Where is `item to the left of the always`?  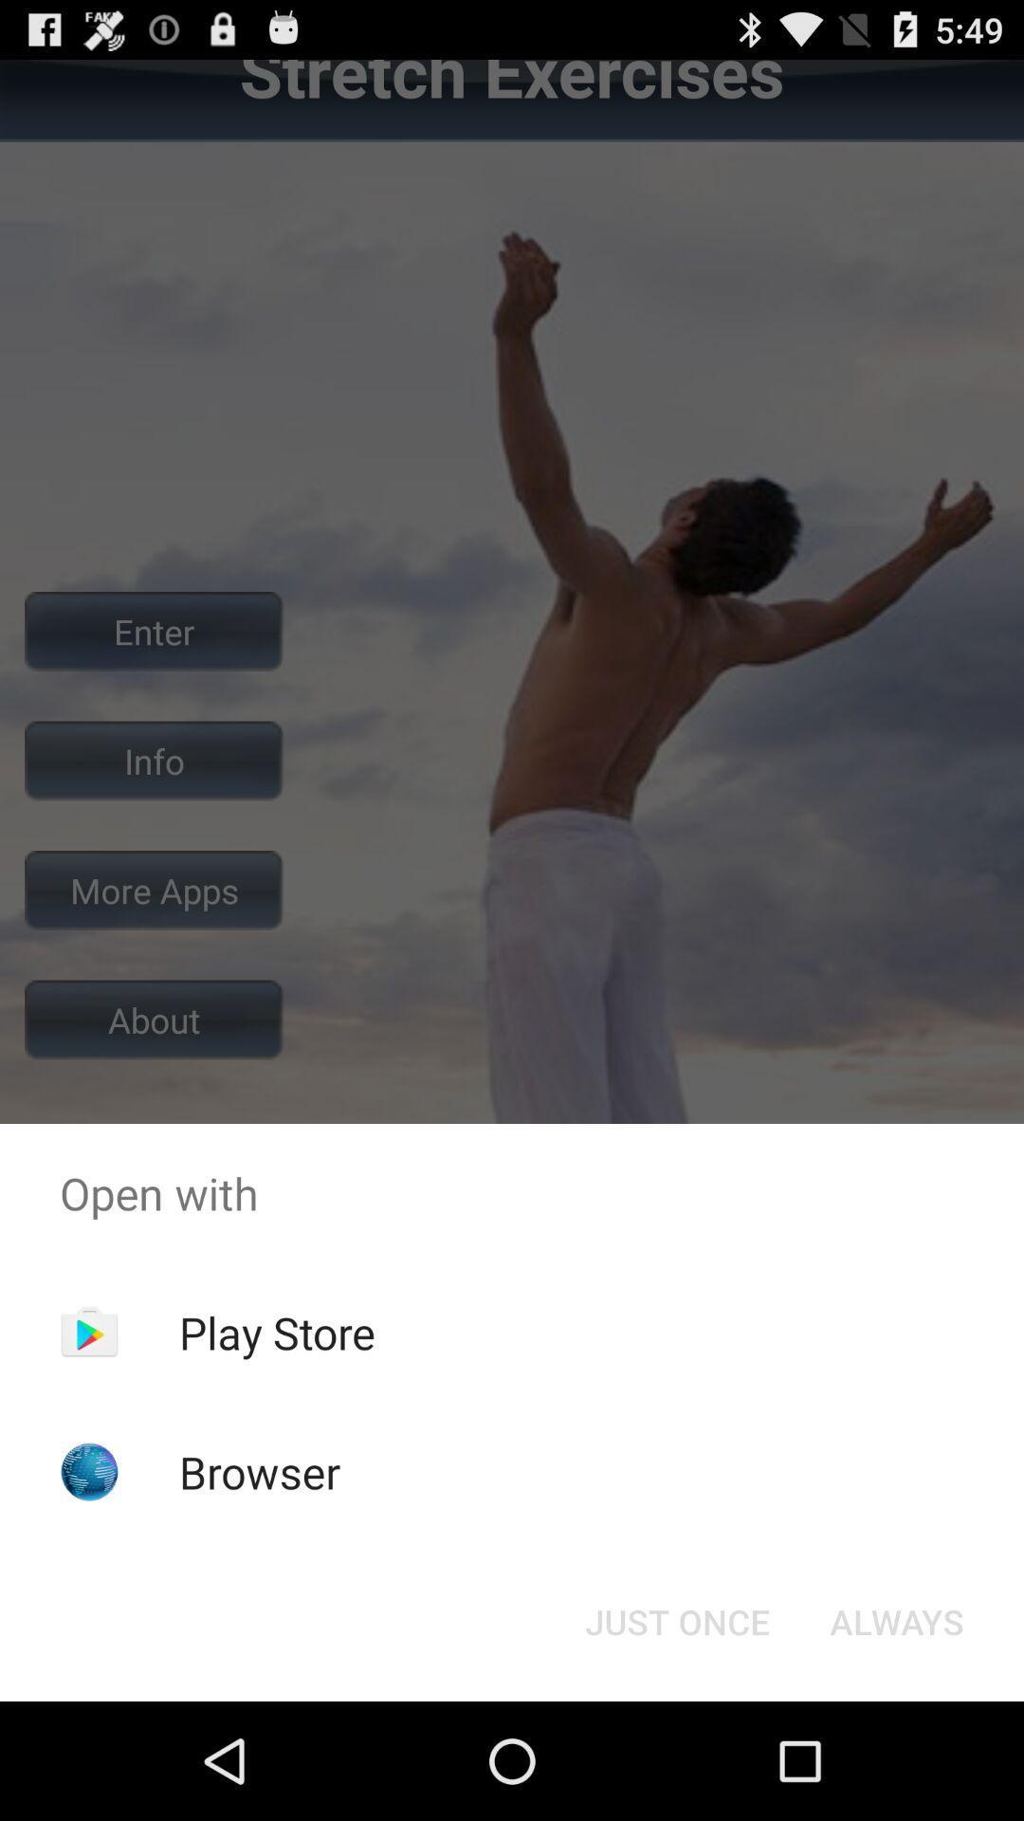
item to the left of the always is located at coordinates (676, 1620).